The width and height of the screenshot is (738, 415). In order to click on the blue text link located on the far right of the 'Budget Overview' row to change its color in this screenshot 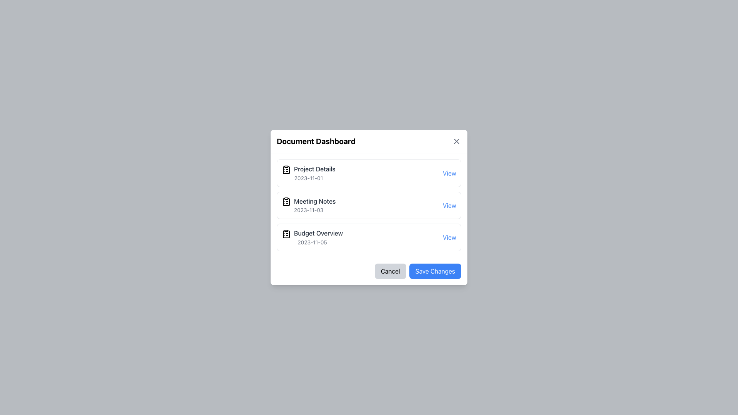, I will do `click(449, 237)`.